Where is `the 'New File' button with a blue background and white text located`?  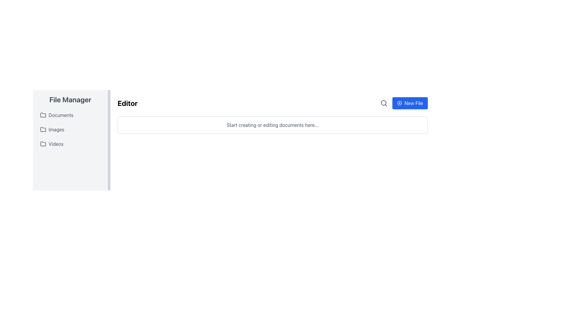
the 'New File' button with a blue background and white text located is located at coordinates (410, 103).